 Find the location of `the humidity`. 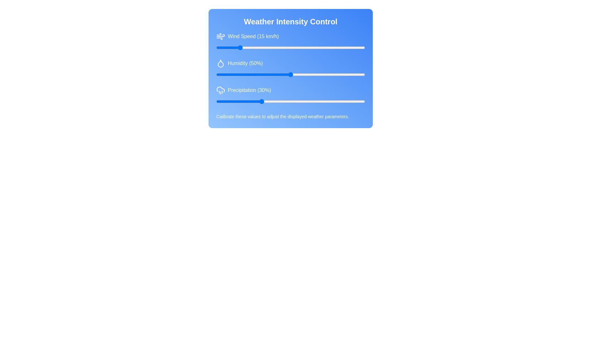

the humidity is located at coordinates (316, 74).